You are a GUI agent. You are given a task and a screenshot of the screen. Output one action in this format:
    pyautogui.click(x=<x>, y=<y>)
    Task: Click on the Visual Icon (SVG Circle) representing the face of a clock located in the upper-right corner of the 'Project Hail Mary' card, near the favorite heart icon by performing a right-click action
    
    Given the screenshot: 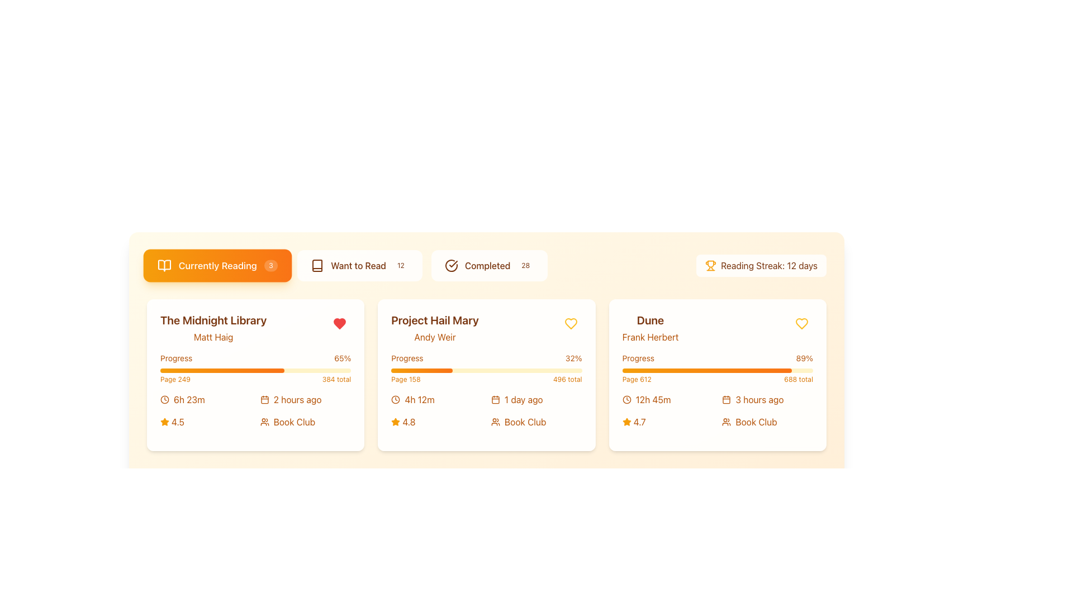 What is the action you would take?
    pyautogui.click(x=396, y=399)
    